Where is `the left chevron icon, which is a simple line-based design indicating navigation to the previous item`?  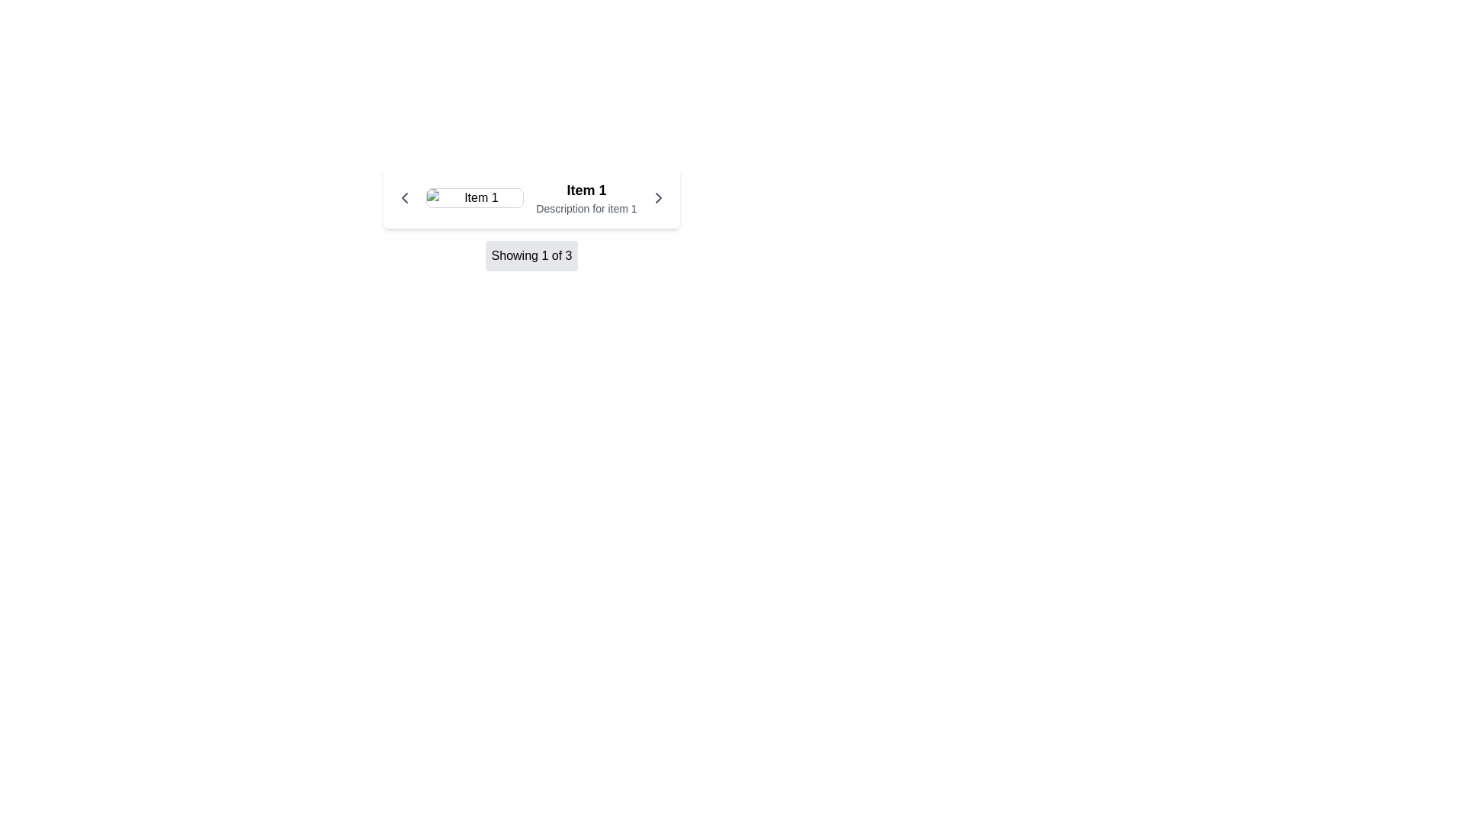
the left chevron icon, which is a simple line-based design indicating navigation to the previous item is located at coordinates (405, 197).